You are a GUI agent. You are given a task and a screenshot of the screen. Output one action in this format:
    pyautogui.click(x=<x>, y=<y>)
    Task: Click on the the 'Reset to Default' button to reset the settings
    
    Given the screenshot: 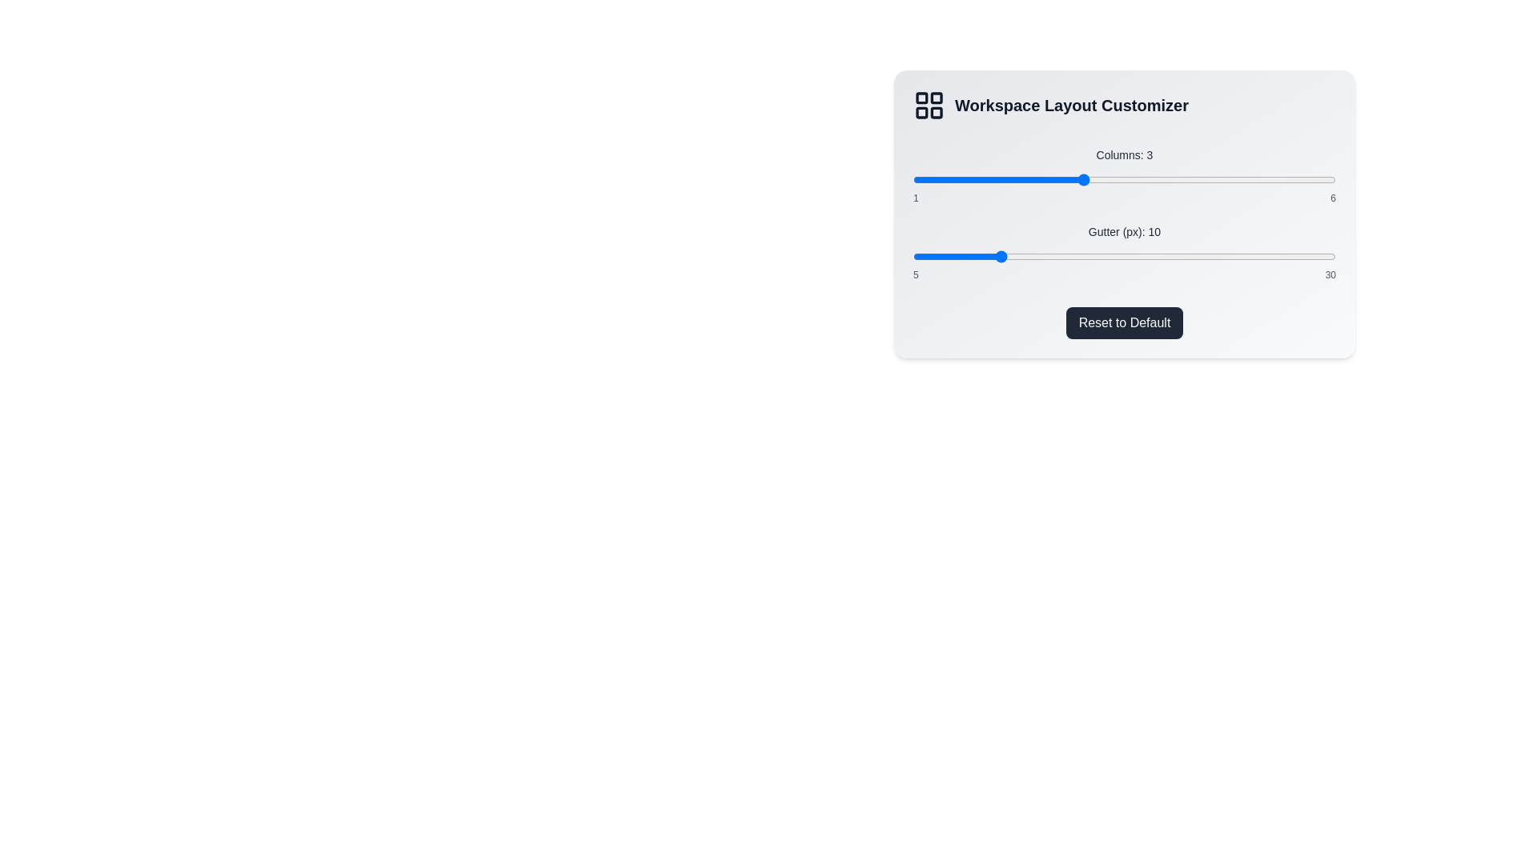 What is the action you would take?
    pyautogui.click(x=1124, y=323)
    